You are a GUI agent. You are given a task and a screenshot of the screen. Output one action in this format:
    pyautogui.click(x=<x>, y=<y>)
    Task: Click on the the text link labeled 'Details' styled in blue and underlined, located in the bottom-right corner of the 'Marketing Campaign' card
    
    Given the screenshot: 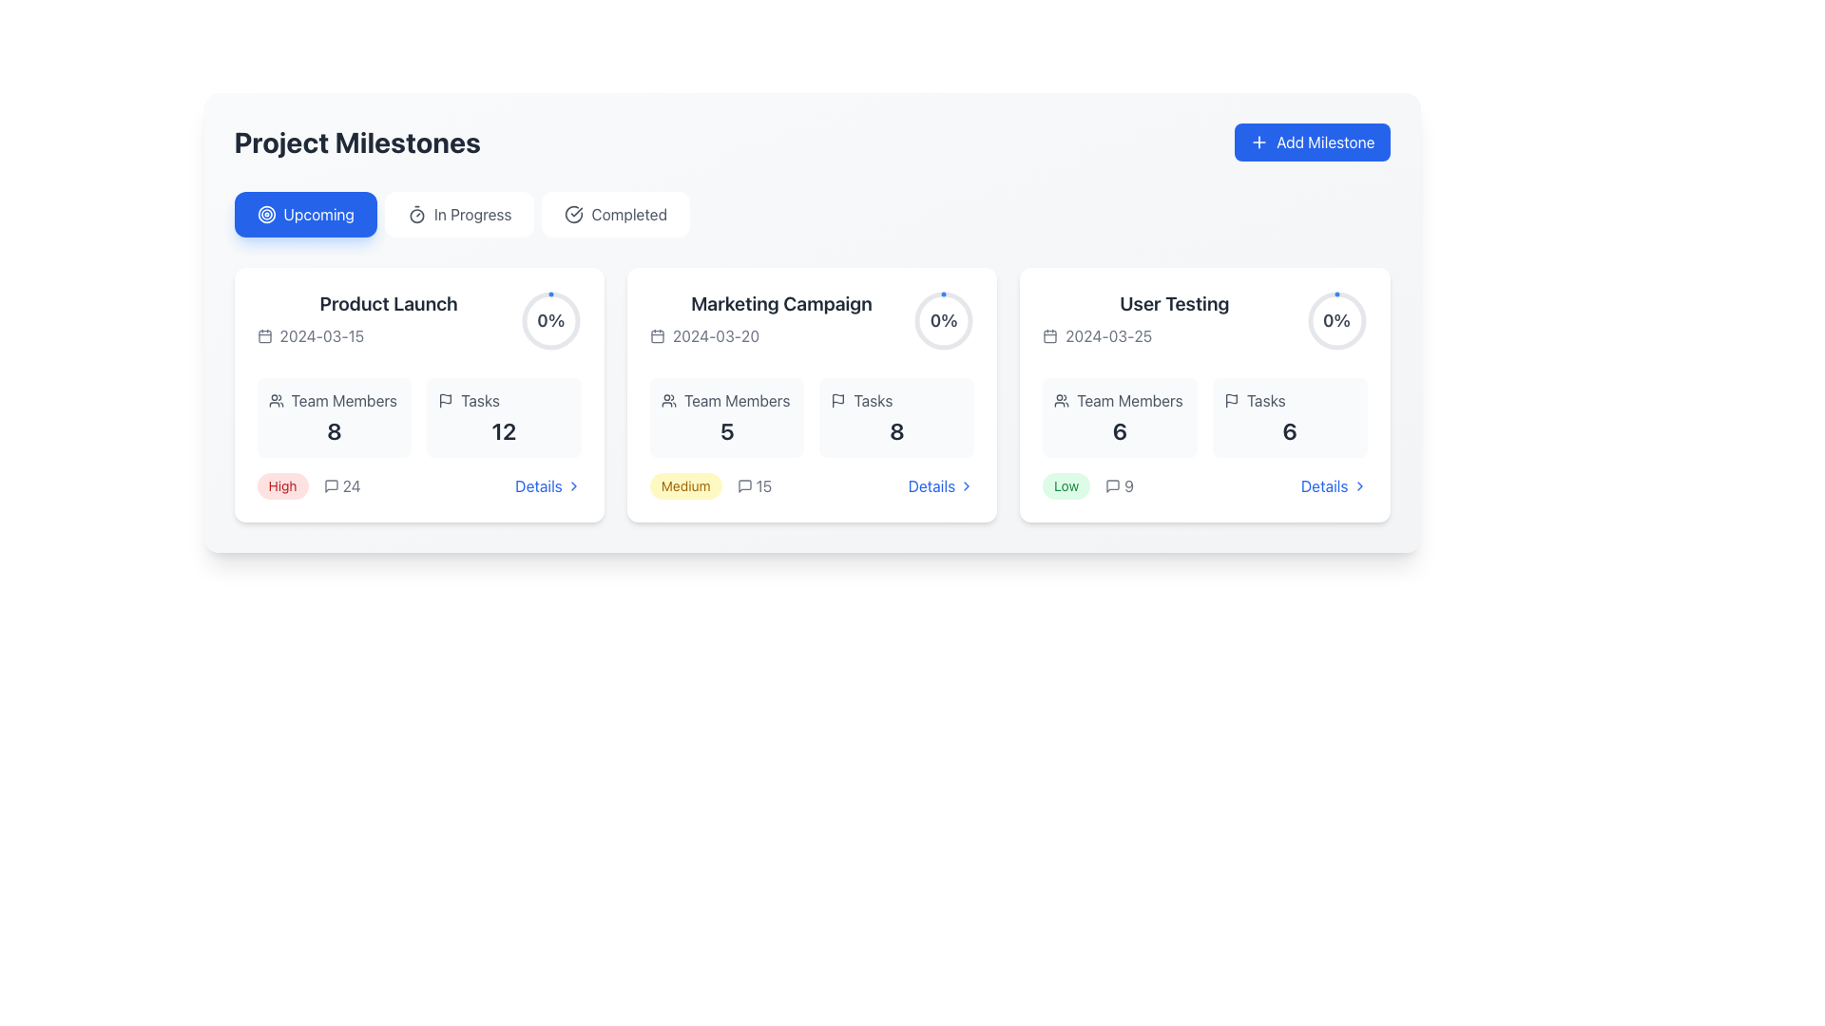 What is the action you would take?
    pyautogui.click(x=941, y=485)
    